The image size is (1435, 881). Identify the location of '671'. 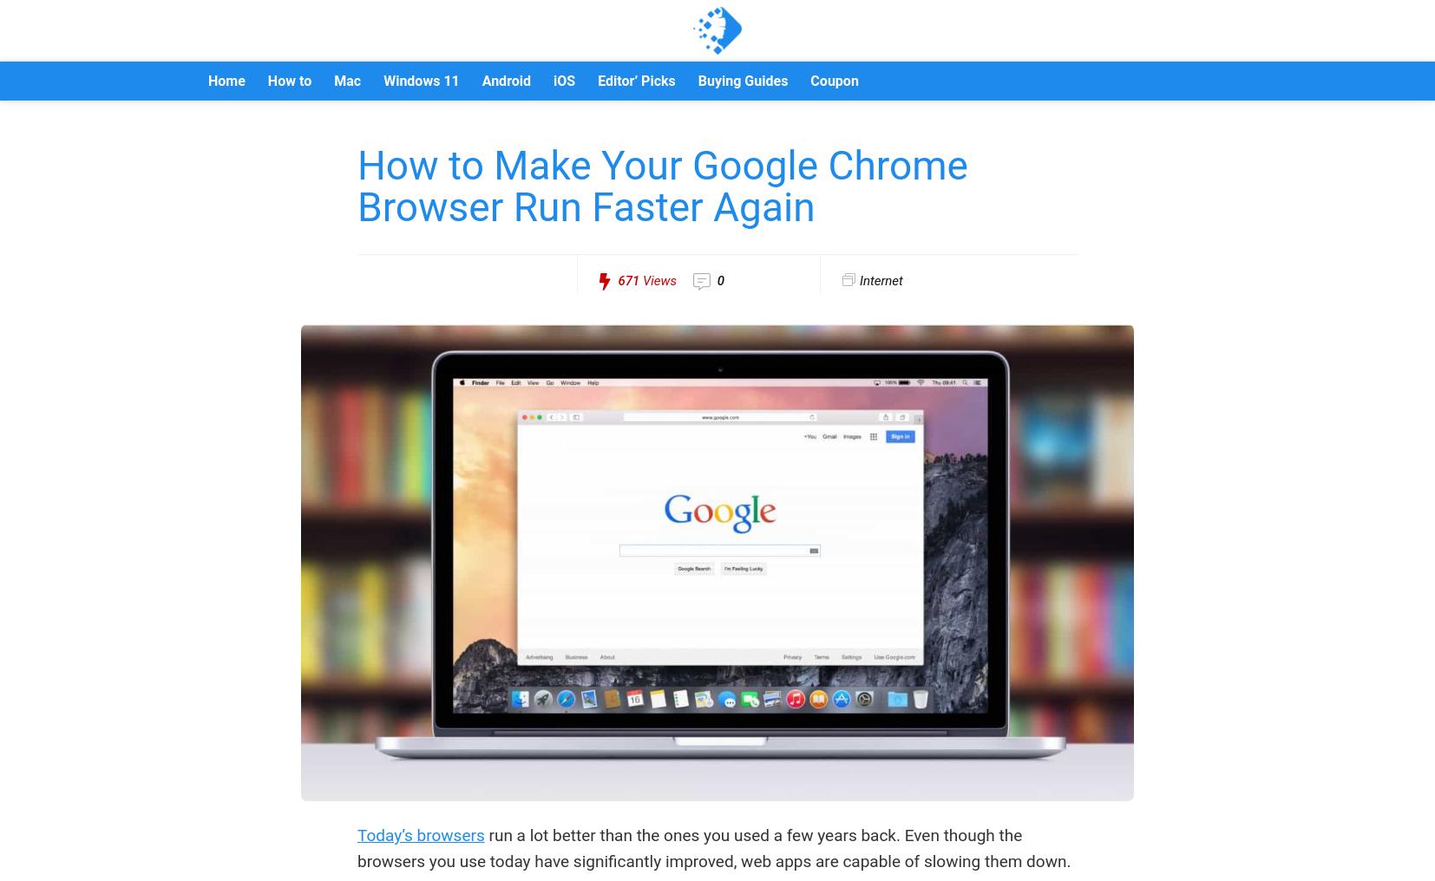
(628, 281).